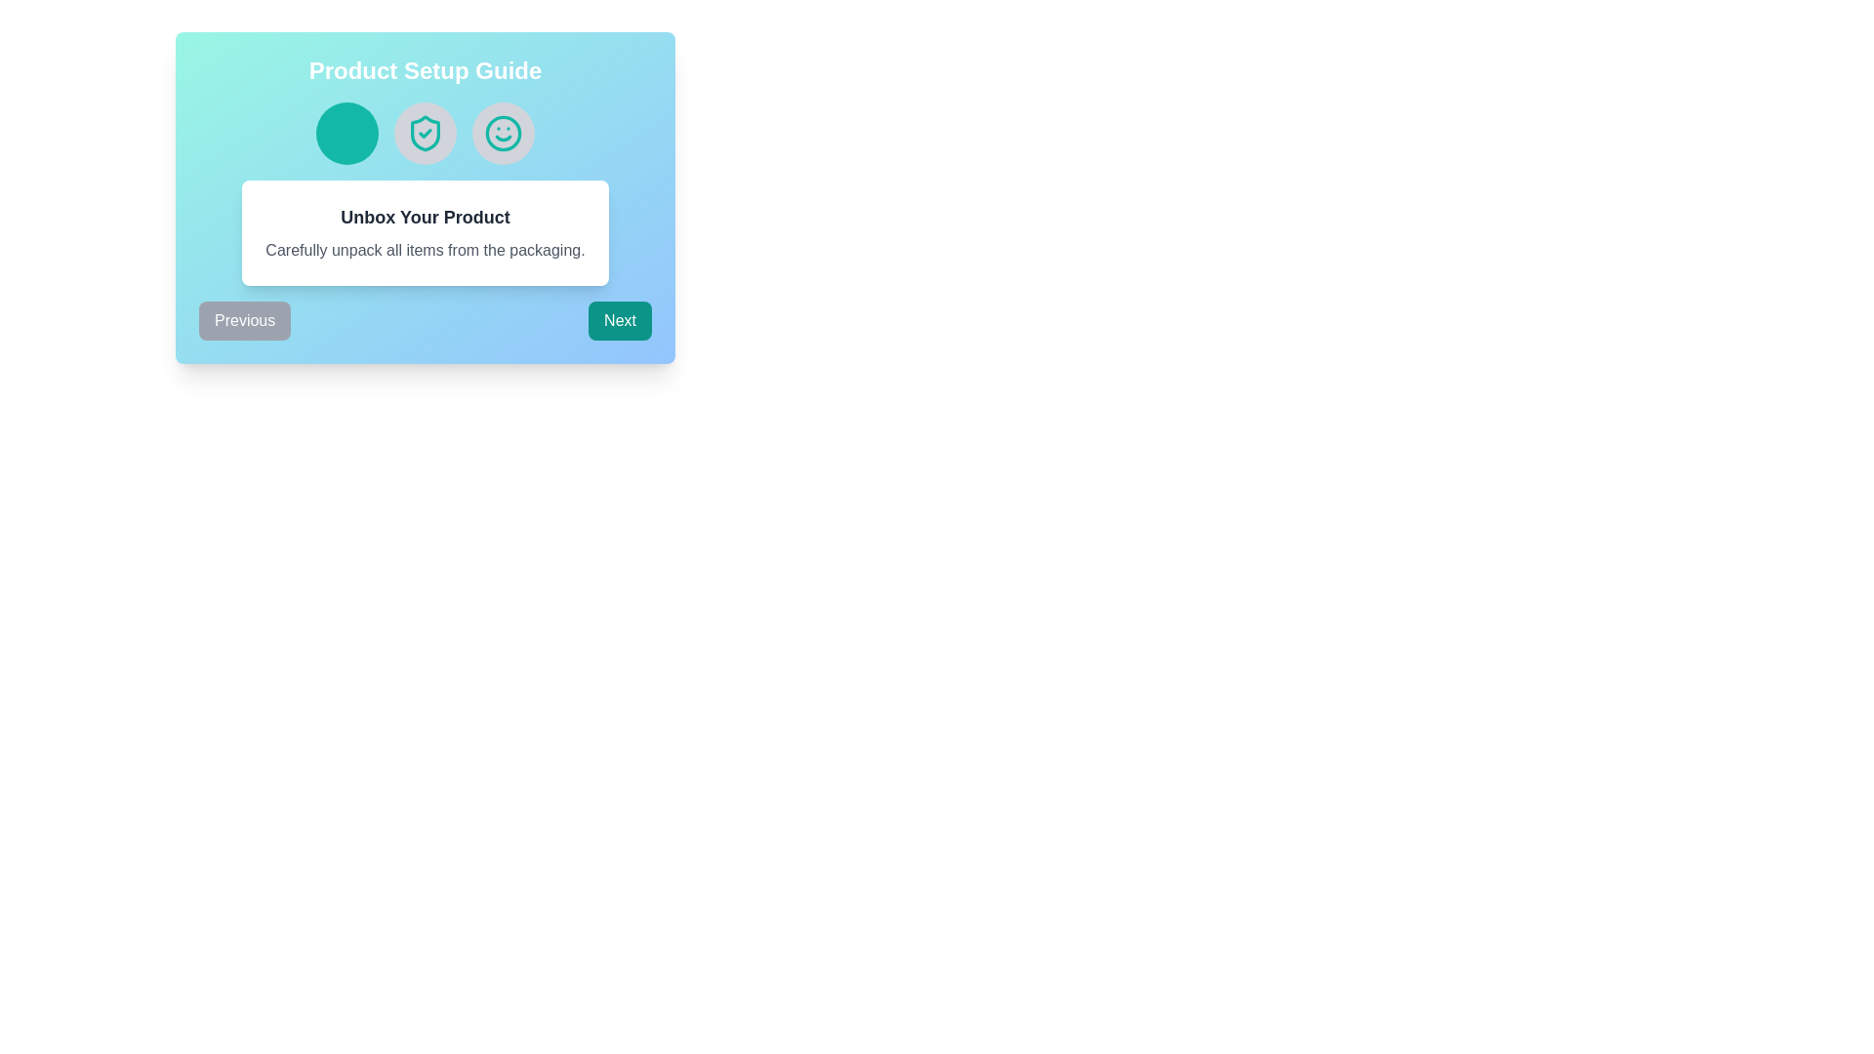 The image size is (1874, 1054). I want to click on the 'Next' button, which is a rectangular button with a teal background and white text, located in the bottom section of the 'Product Setup Guide' interface, so click(619, 319).